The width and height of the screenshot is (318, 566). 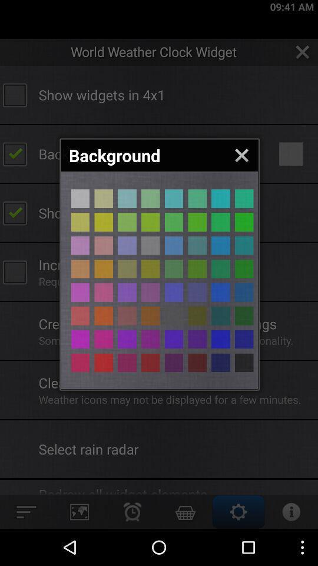 I want to click on background color design, so click(x=243, y=315).